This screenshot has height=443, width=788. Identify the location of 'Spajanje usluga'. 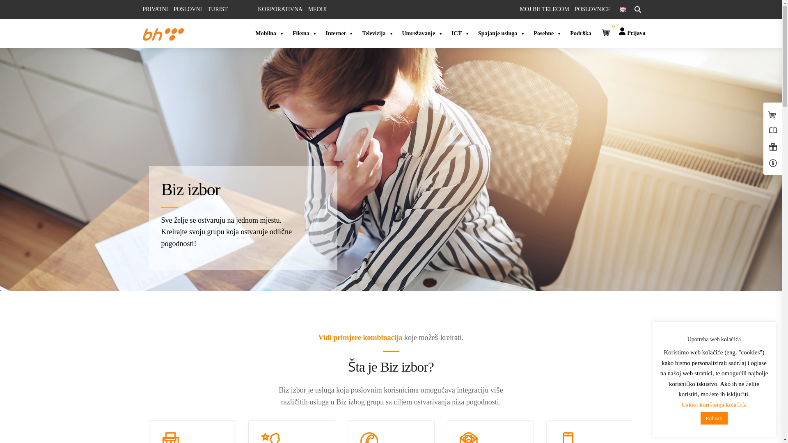
(501, 33).